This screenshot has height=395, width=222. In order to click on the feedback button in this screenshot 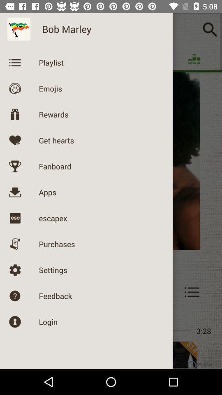, I will do `click(30, 292)`.